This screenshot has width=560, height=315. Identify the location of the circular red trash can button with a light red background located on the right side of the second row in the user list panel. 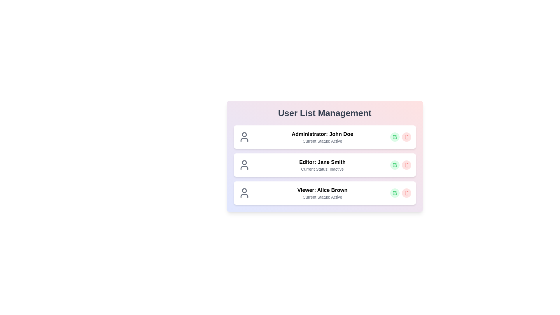
(406, 165).